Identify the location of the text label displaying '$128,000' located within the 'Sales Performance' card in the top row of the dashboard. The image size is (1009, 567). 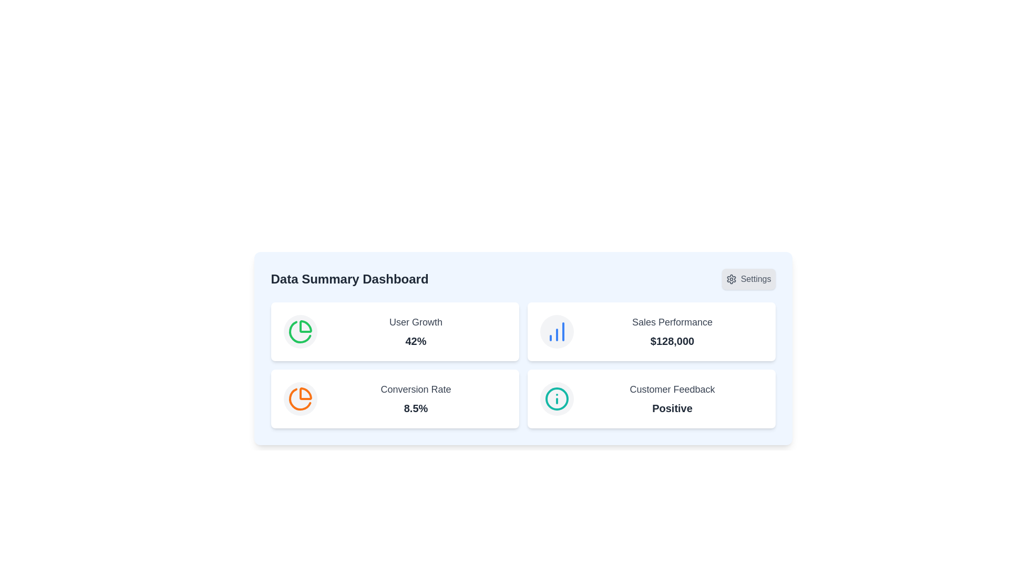
(672, 341).